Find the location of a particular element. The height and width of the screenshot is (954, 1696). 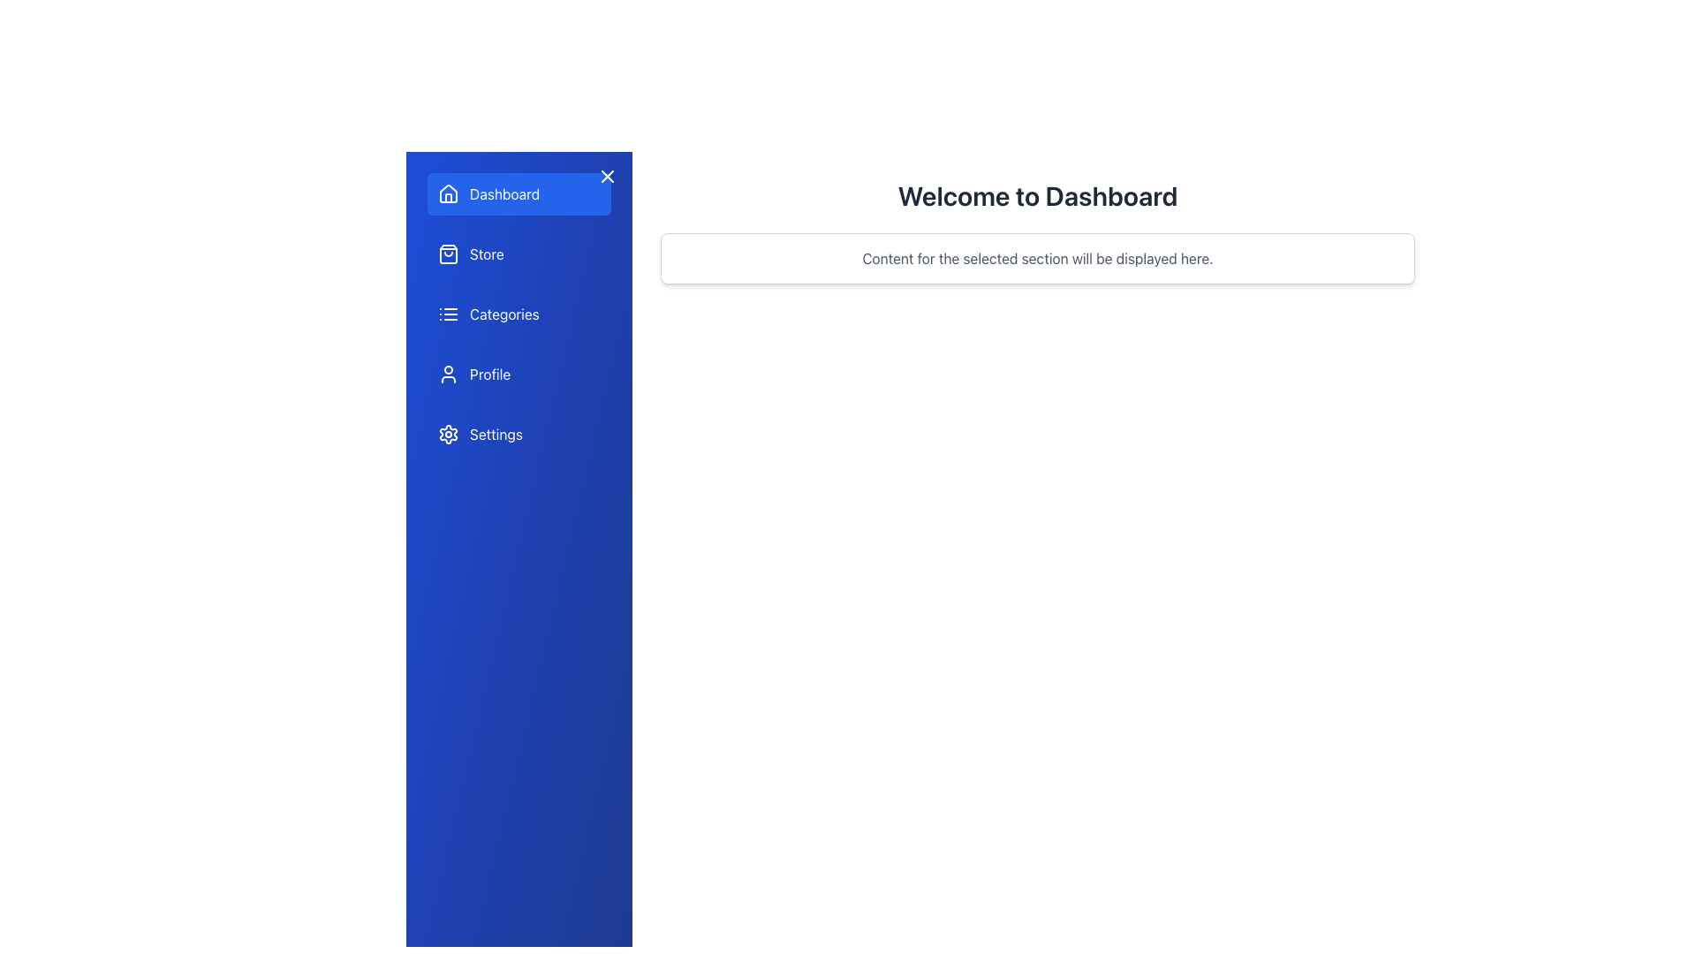

the Interactive menu button, which is the fifth item in the vertical navigation menu on the left side, located below the 'Profile' menu item is located at coordinates (519, 435).